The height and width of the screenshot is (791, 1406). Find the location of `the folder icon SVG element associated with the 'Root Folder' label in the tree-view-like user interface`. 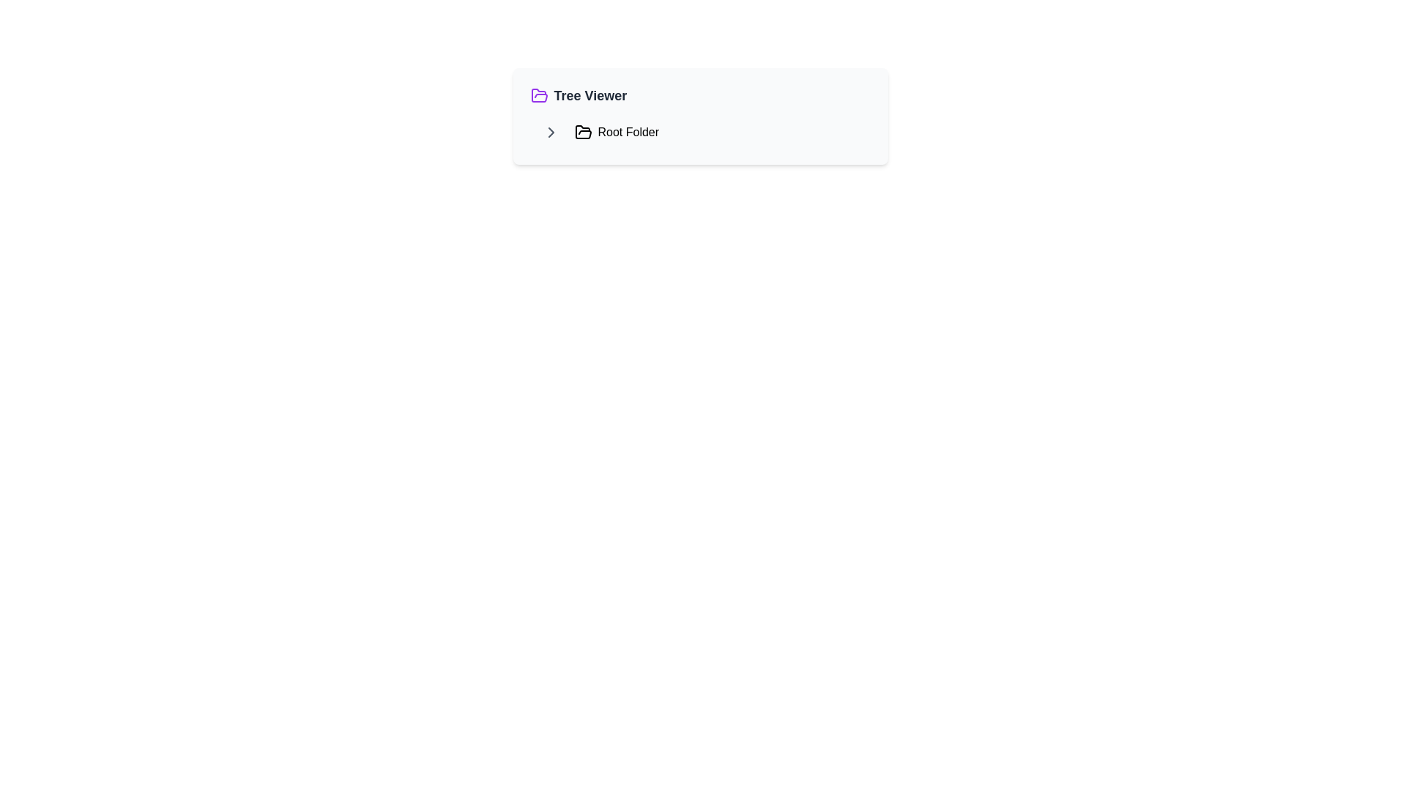

the folder icon SVG element associated with the 'Root Folder' label in the tree-view-like user interface is located at coordinates (582, 132).